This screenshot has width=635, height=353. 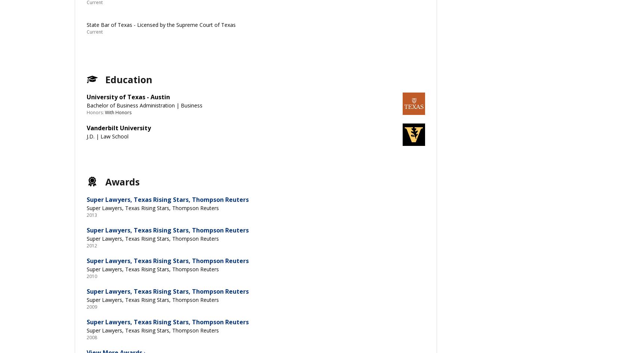 What do you see at coordinates (122, 181) in the screenshot?
I see `'Awards'` at bounding box center [122, 181].